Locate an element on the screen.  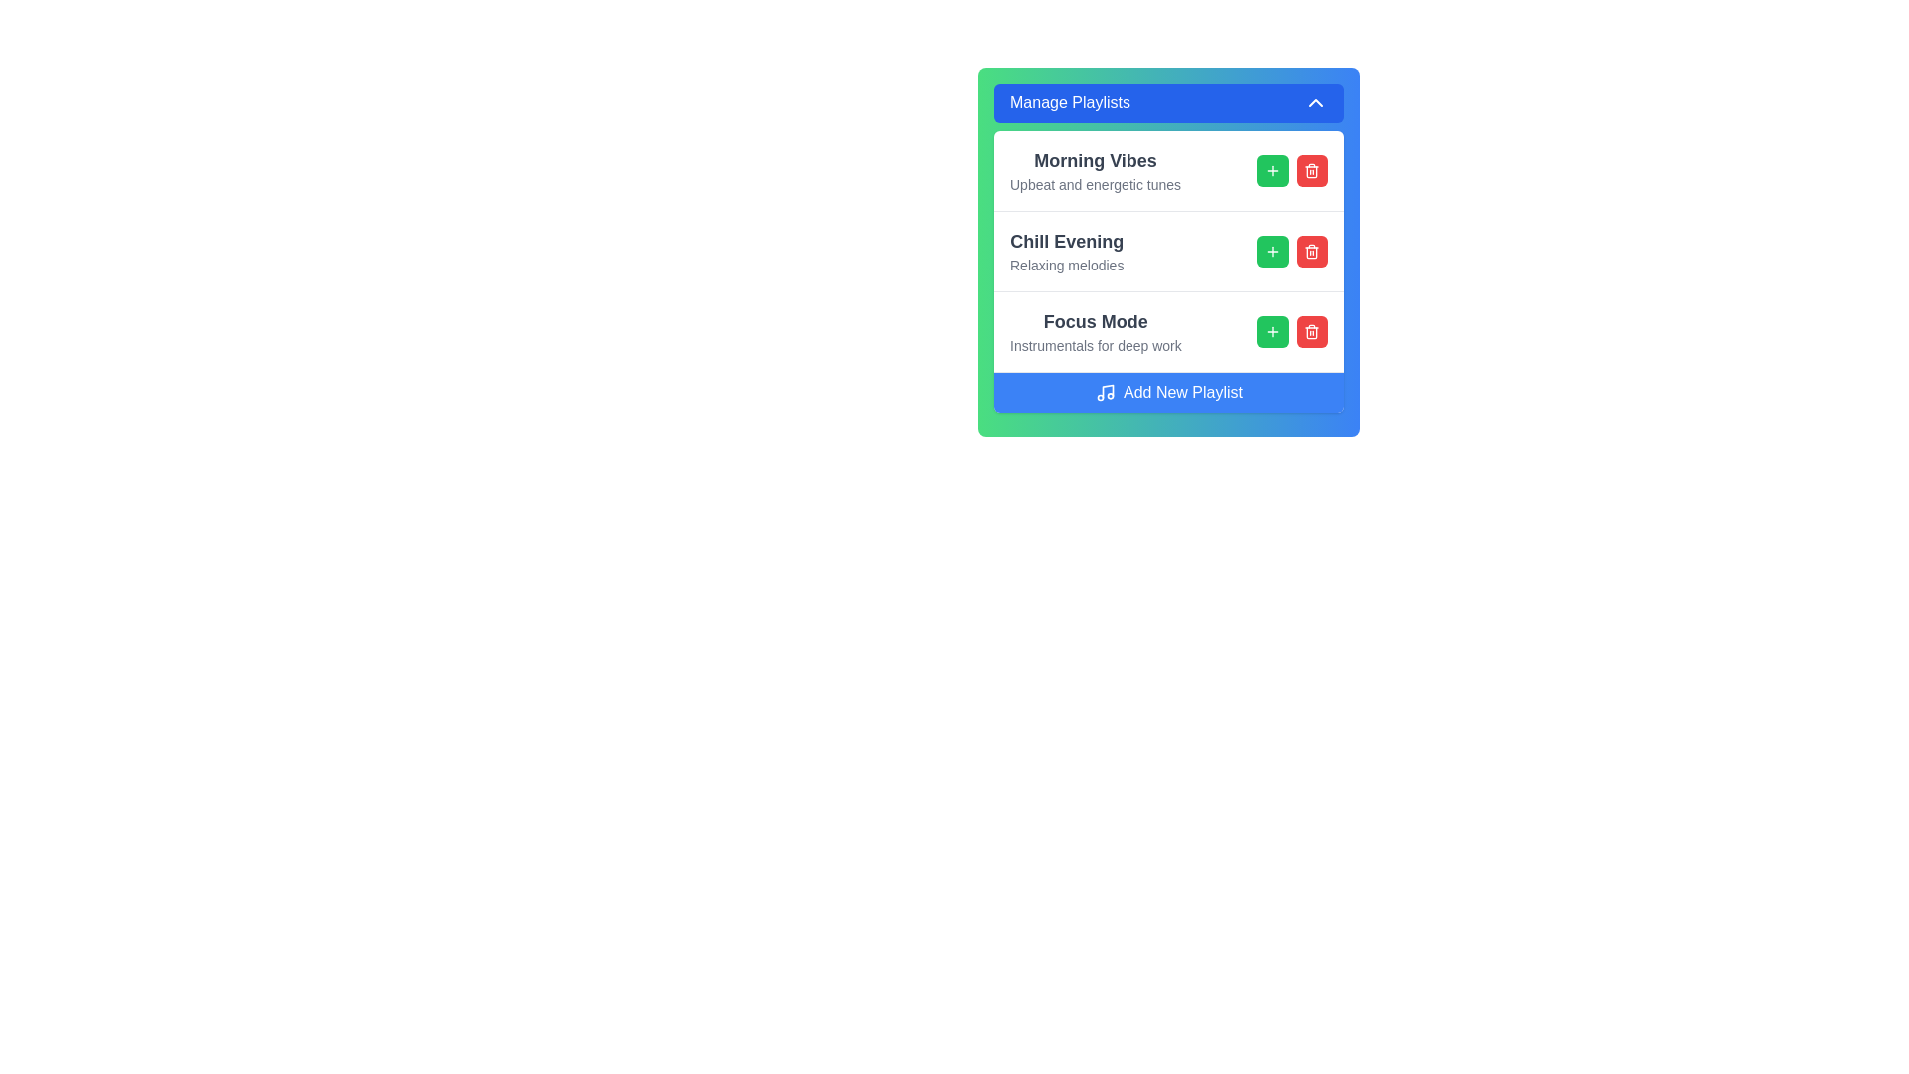
the red trash can icon button is located at coordinates (1312, 170).